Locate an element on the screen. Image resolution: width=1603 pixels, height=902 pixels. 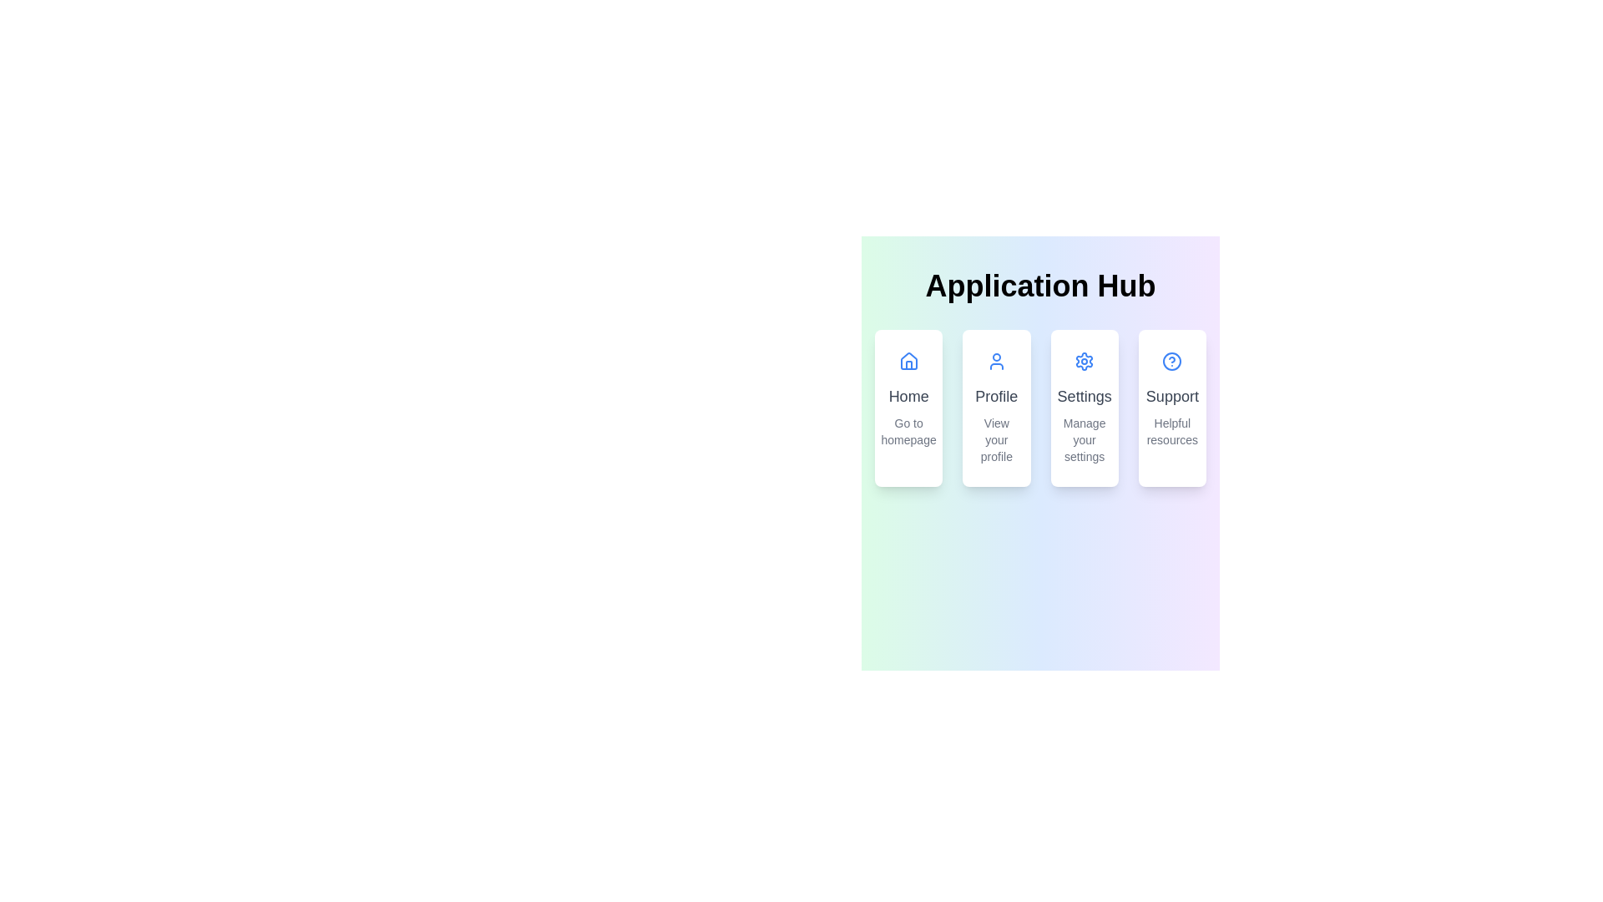
the text label that serves as a title for the homepage link, positioned between the icon and the descriptive text labeled 'Go to homepage' in the first card is located at coordinates (908, 396).